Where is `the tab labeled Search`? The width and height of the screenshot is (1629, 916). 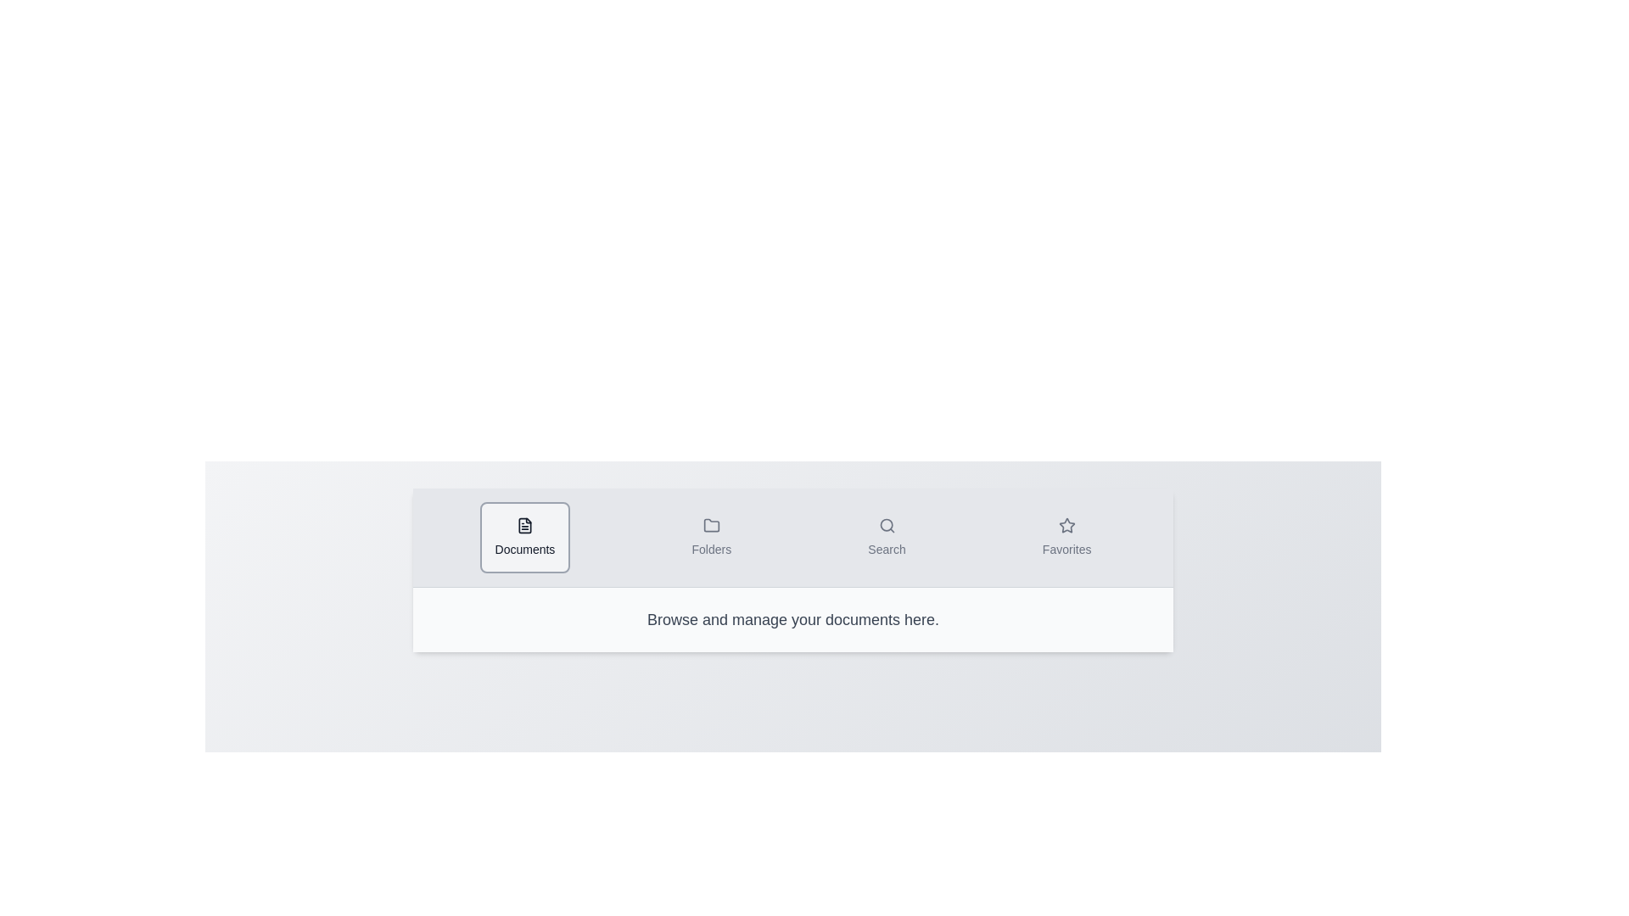 the tab labeled Search is located at coordinates (886, 537).